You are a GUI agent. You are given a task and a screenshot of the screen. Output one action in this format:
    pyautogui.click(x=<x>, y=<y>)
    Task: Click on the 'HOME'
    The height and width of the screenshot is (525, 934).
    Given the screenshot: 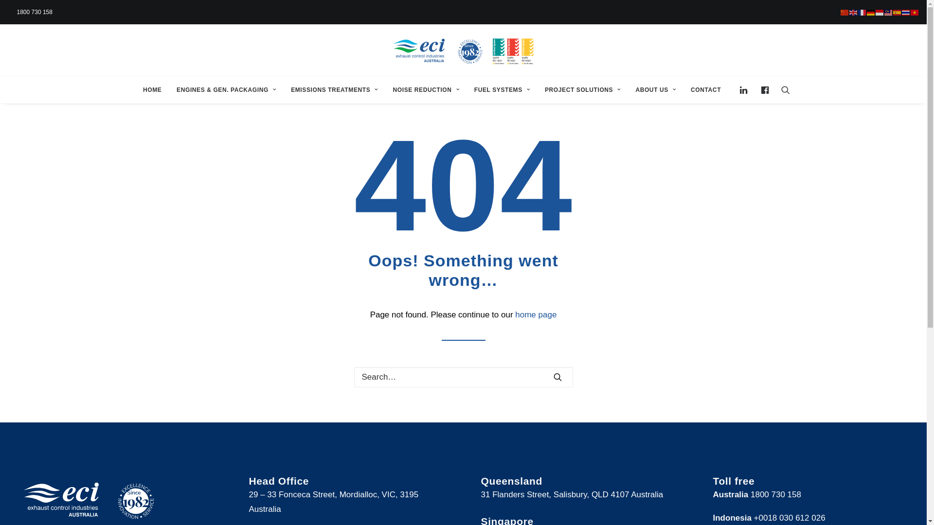 What is the action you would take?
    pyautogui.click(x=151, y=90)
    